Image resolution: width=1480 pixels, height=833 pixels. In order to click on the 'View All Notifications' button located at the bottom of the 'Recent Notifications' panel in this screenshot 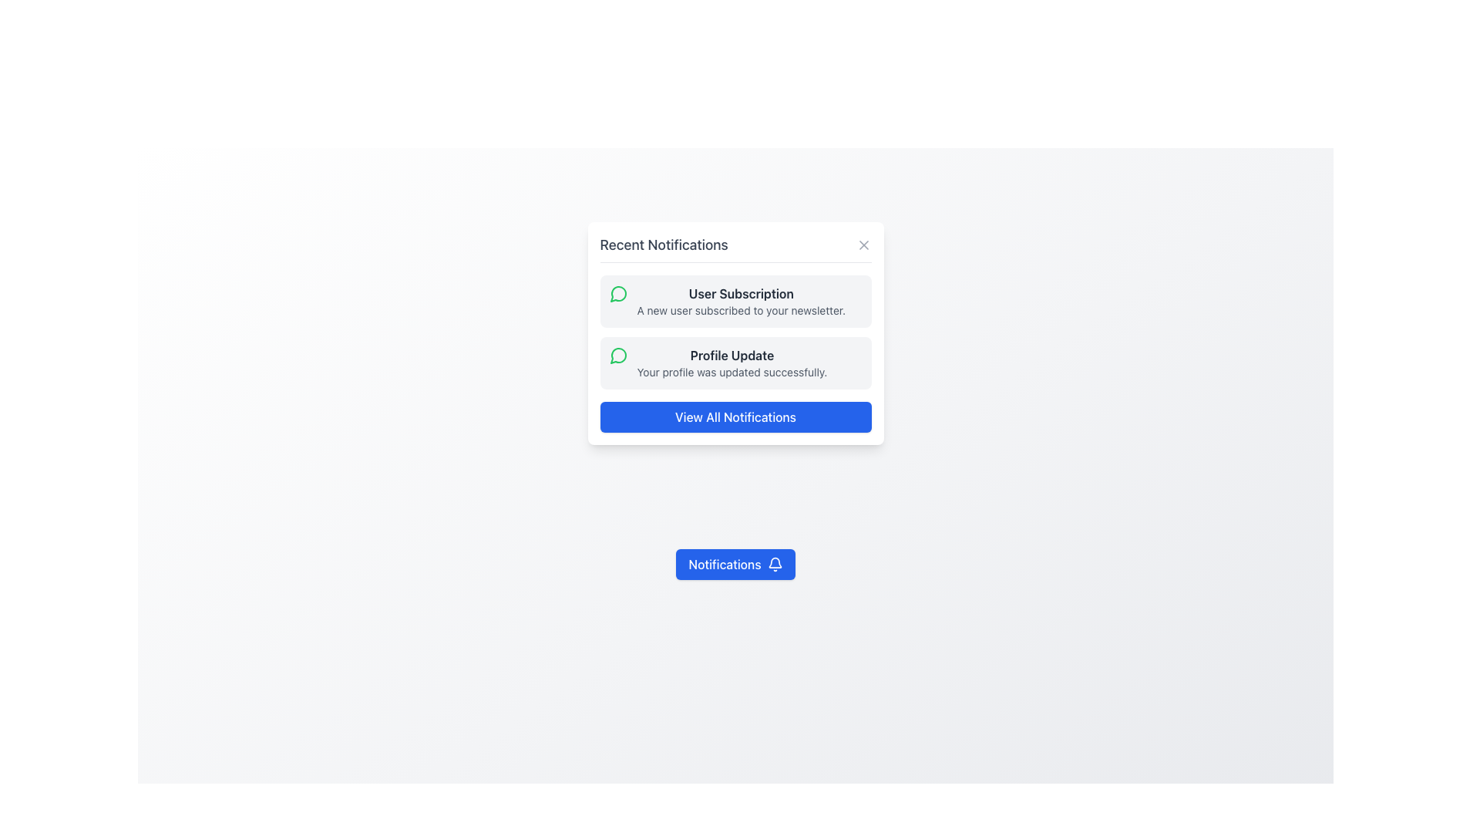, I will do `click(735, 416)`.